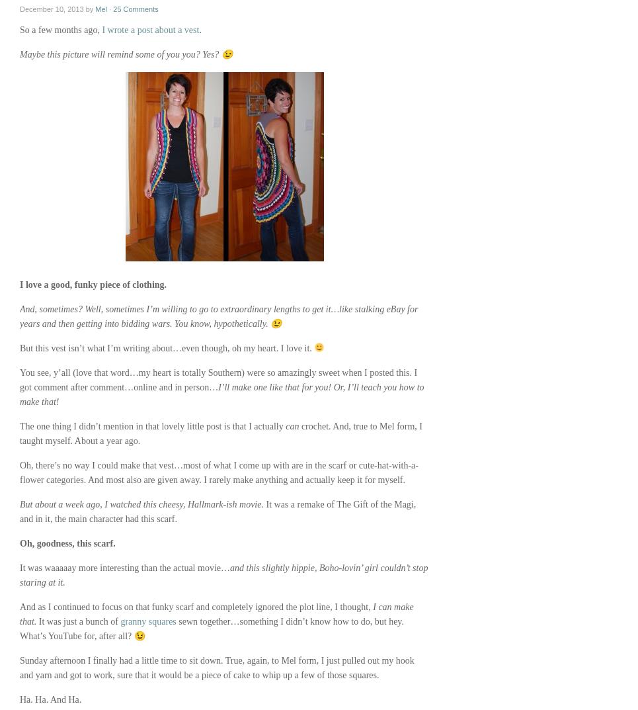 This screenshot has height=710, width=638. I want to click on 'I love a good, funky piece of clothing.', so click(93, 285).